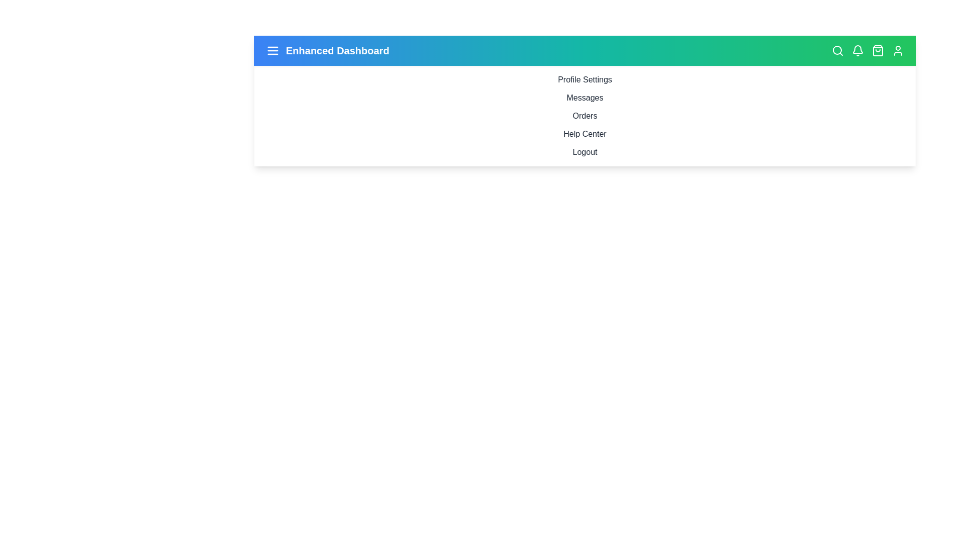 The image size is (965, 543). Describe the element at coordinates (857, 50) in the screenshot. I see `the bell icon to display its tooltip or visual feedback` at that location.